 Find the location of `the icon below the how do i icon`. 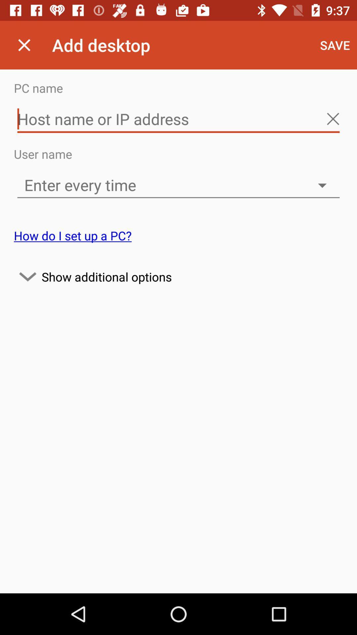

the icon below the how do i icon is located at coordinates (178, 276).